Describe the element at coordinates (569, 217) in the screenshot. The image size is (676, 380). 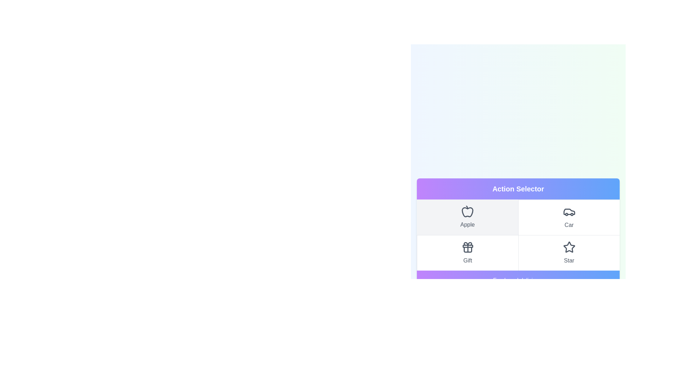
I see `the interactive card labeled 'Car' with a minimalistic car icon, located in the second column of the first row under the 'Action Selector' section` at that location.